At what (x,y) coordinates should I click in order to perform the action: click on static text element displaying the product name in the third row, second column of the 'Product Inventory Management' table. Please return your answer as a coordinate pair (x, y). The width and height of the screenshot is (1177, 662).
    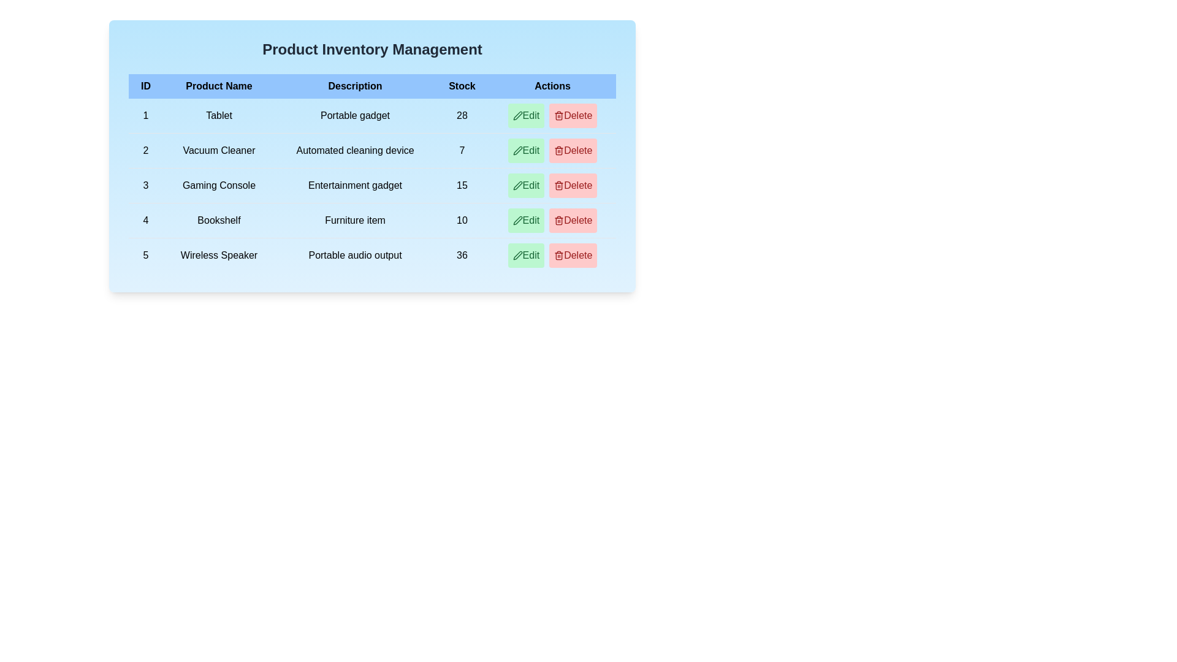
    Looking at the image, I should click on (219, 186).